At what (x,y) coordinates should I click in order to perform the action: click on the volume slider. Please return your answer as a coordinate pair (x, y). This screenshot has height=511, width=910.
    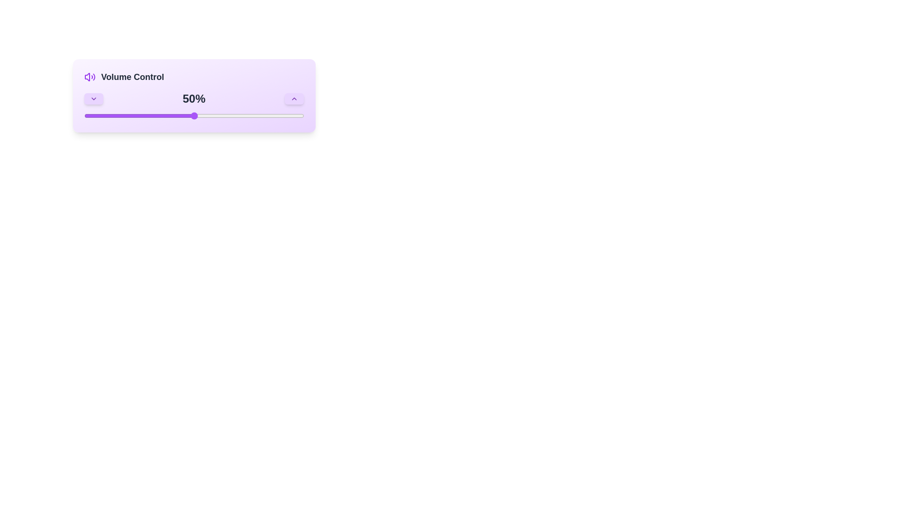
    Looking at the image, I should click on (196, 115).